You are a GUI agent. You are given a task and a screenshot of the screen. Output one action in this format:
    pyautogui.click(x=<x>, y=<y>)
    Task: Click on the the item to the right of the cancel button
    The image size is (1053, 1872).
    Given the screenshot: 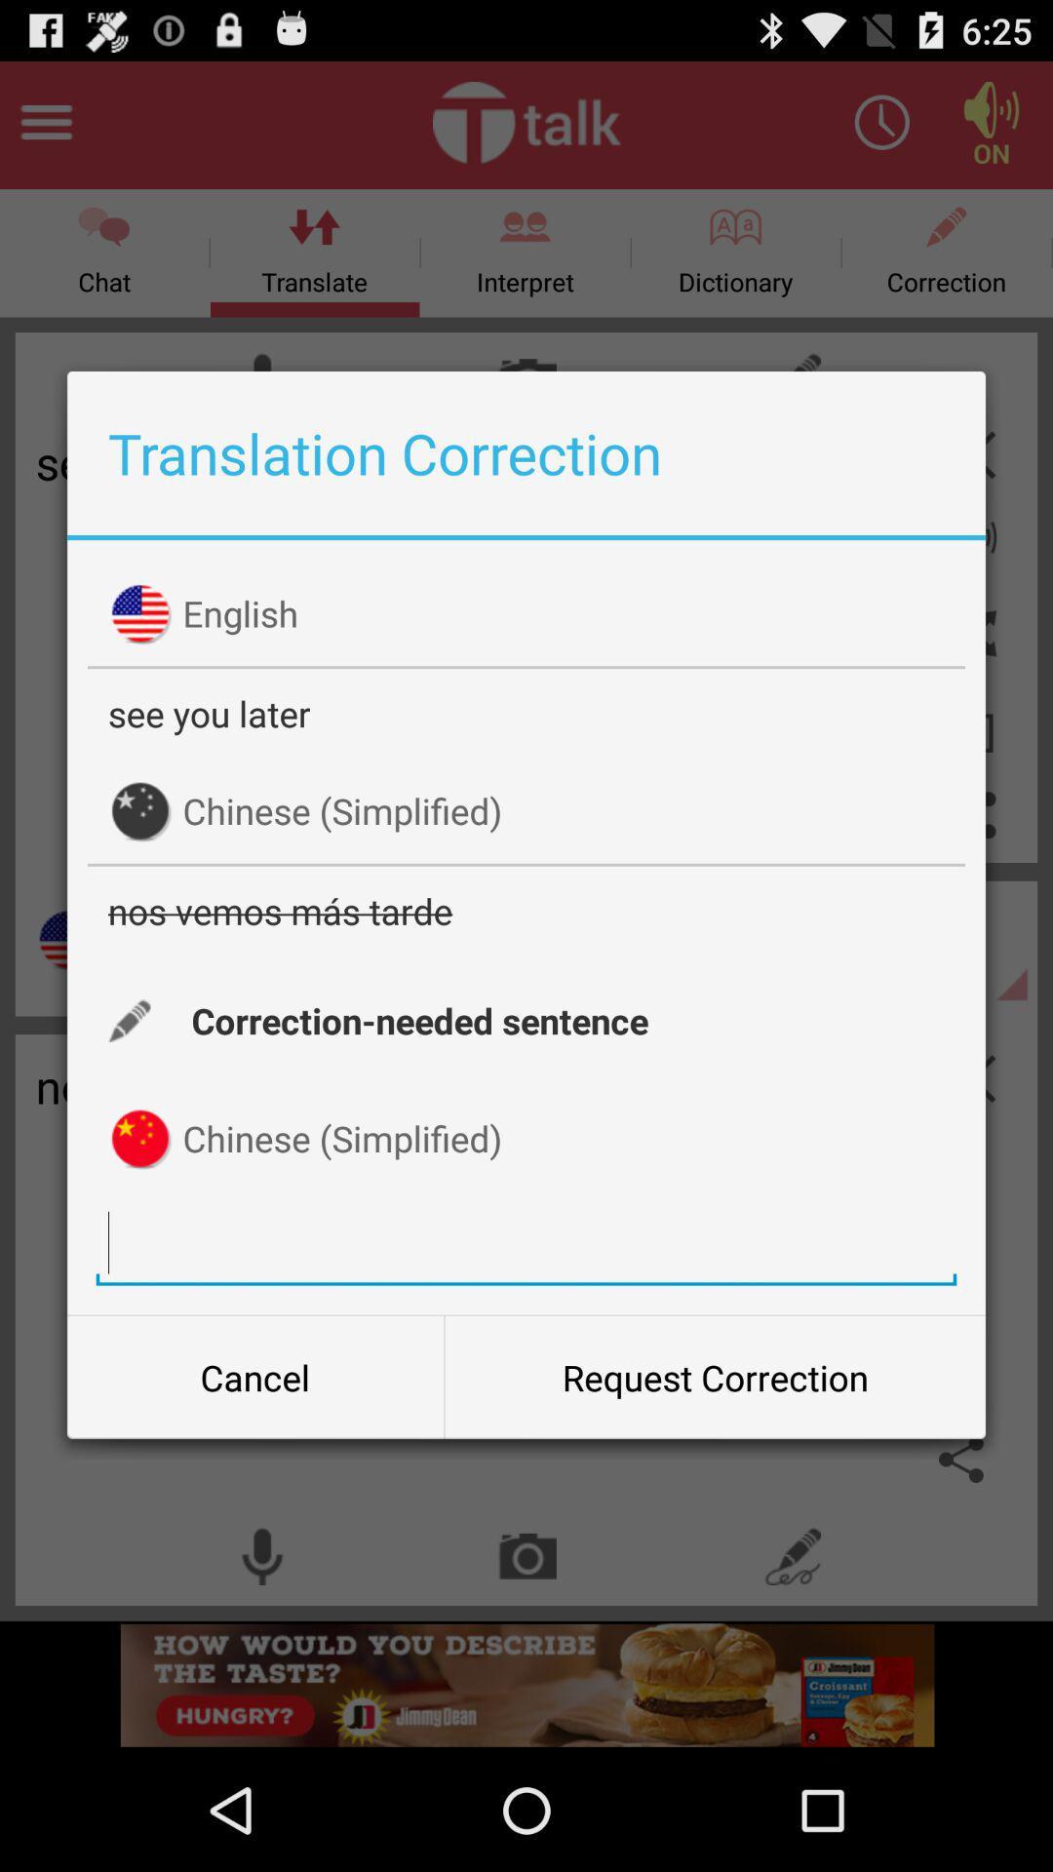 What is the action you would take?
    pyautogui.click(x=715, y=1376)
    